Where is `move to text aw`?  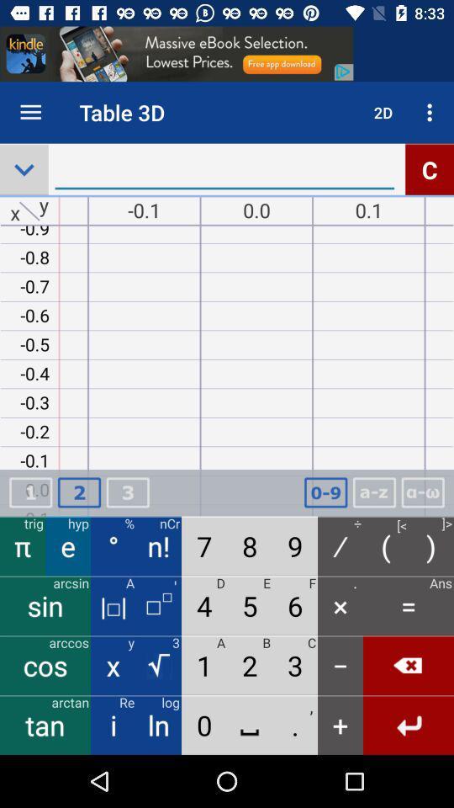 move to text aw is located at coordinates (422, 492).